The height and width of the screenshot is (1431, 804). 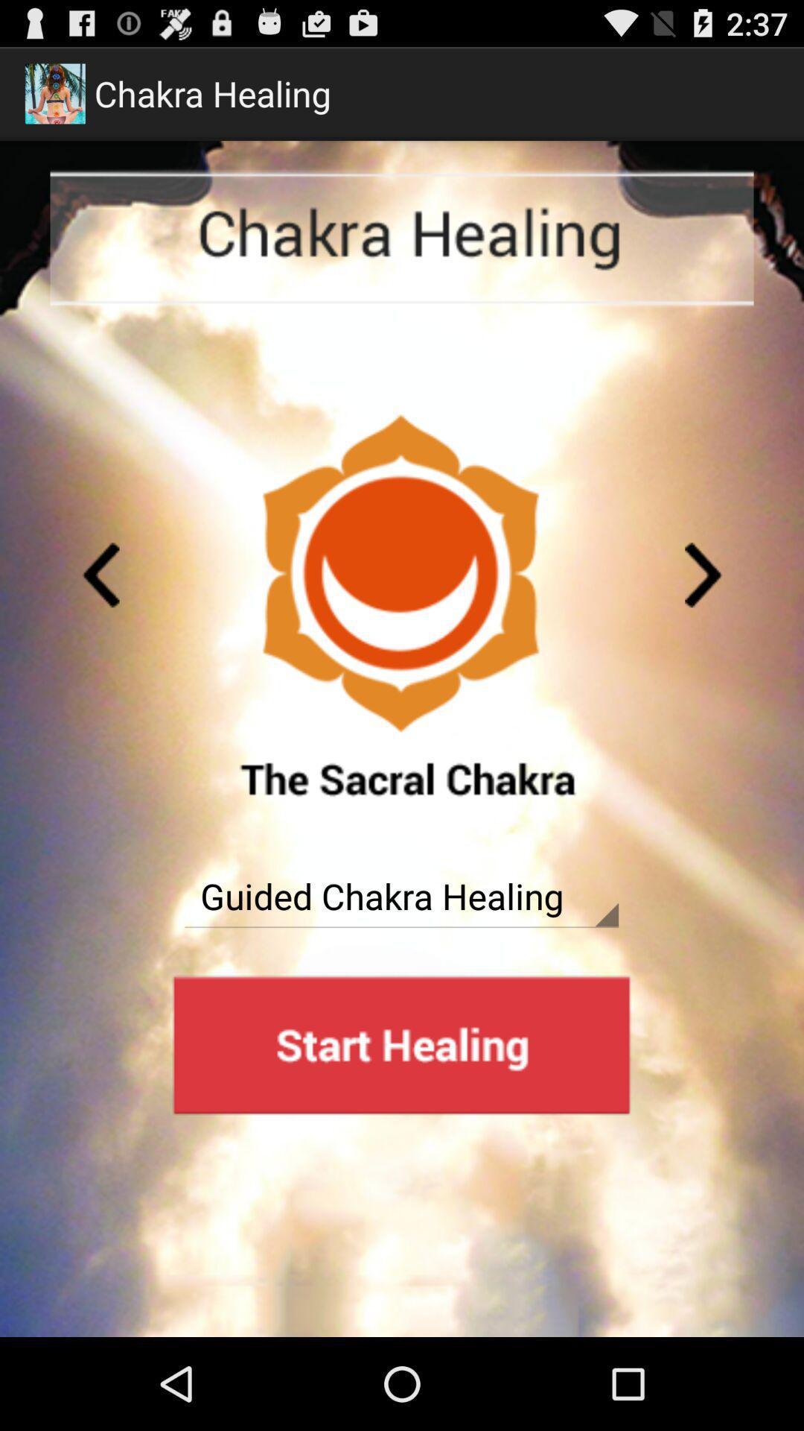 I want to click on previous page, so click(x=100, y=574).